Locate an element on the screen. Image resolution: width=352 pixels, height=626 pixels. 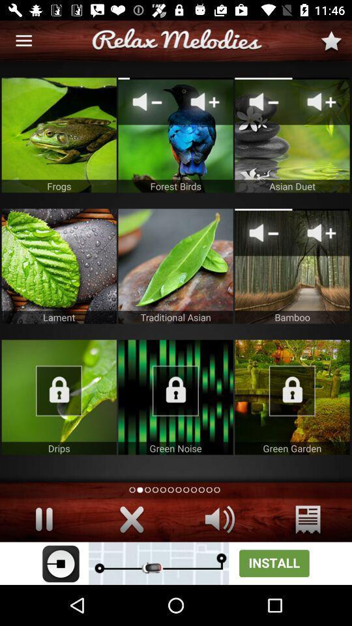
sound is located at coordinates (132, 519).